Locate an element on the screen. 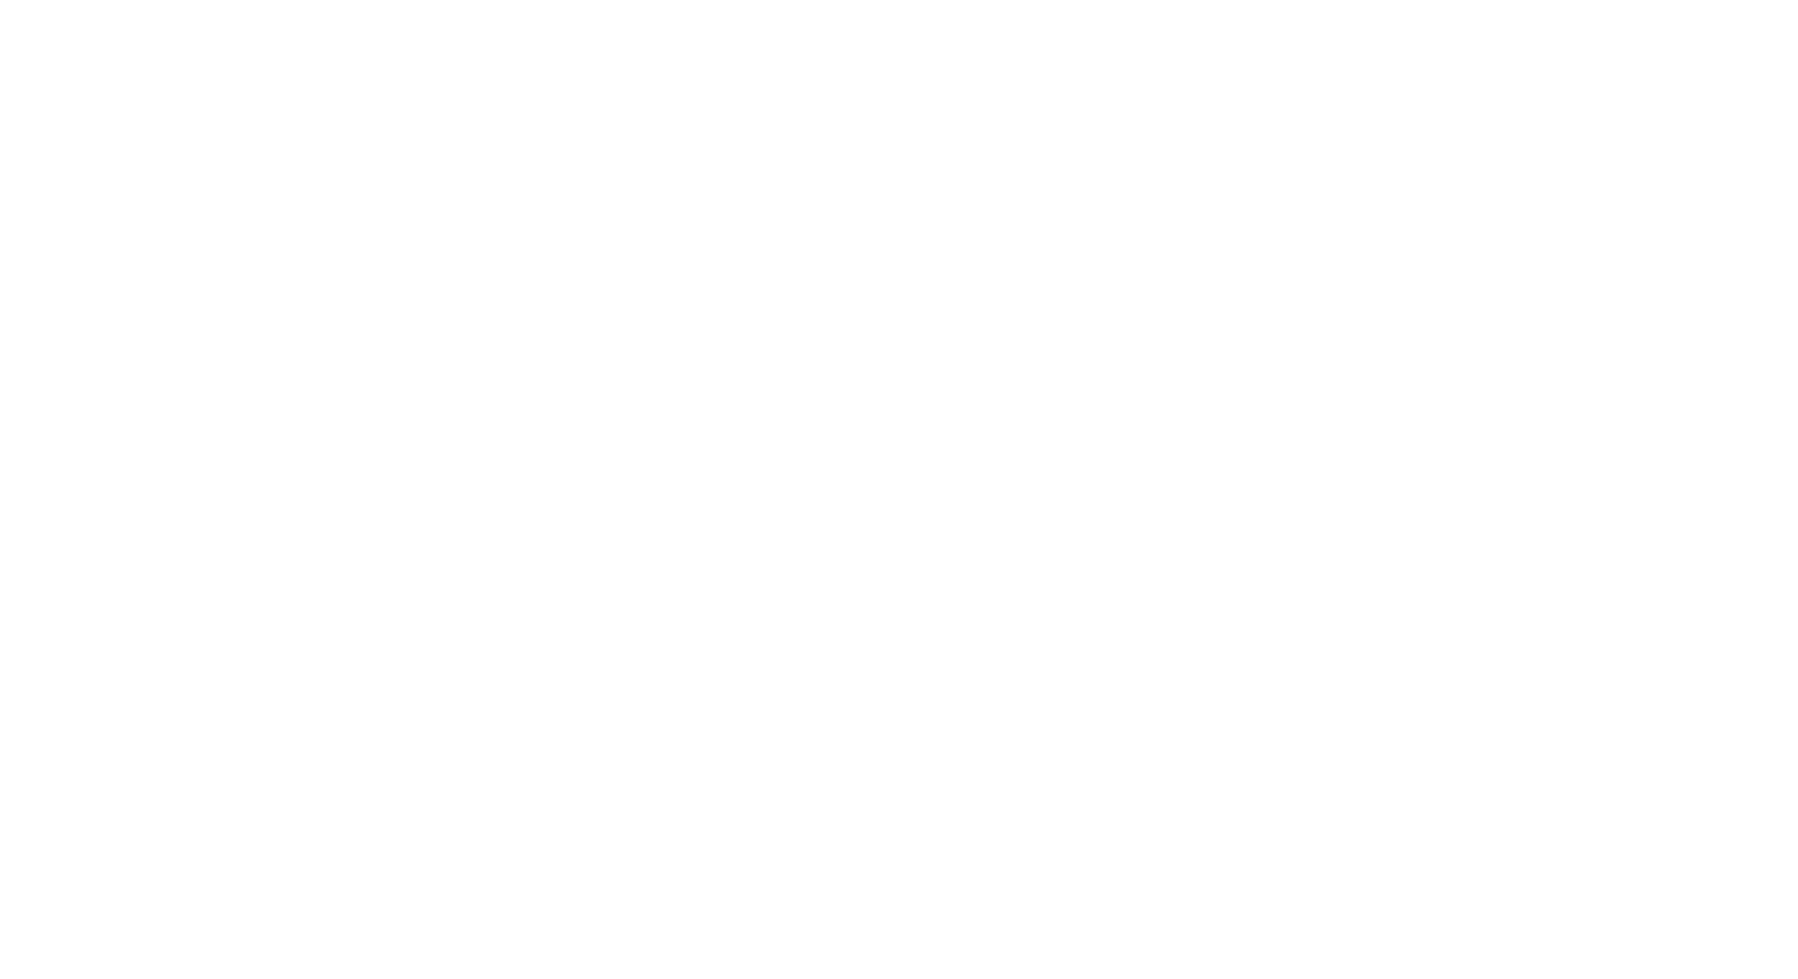 The image size is (1798, 979). '–          Eating in a rush' is located at coordinates (429, 358).